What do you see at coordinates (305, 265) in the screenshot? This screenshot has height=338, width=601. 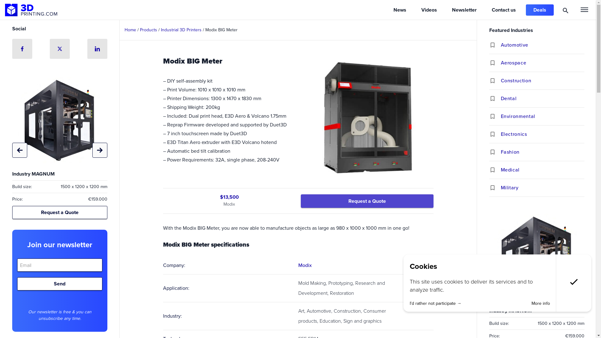 I see `'Modix'` at bounding box center [305, 265].